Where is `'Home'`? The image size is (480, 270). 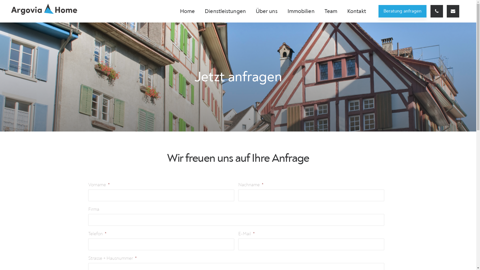
'Home' is located at coordinates (175, 11).